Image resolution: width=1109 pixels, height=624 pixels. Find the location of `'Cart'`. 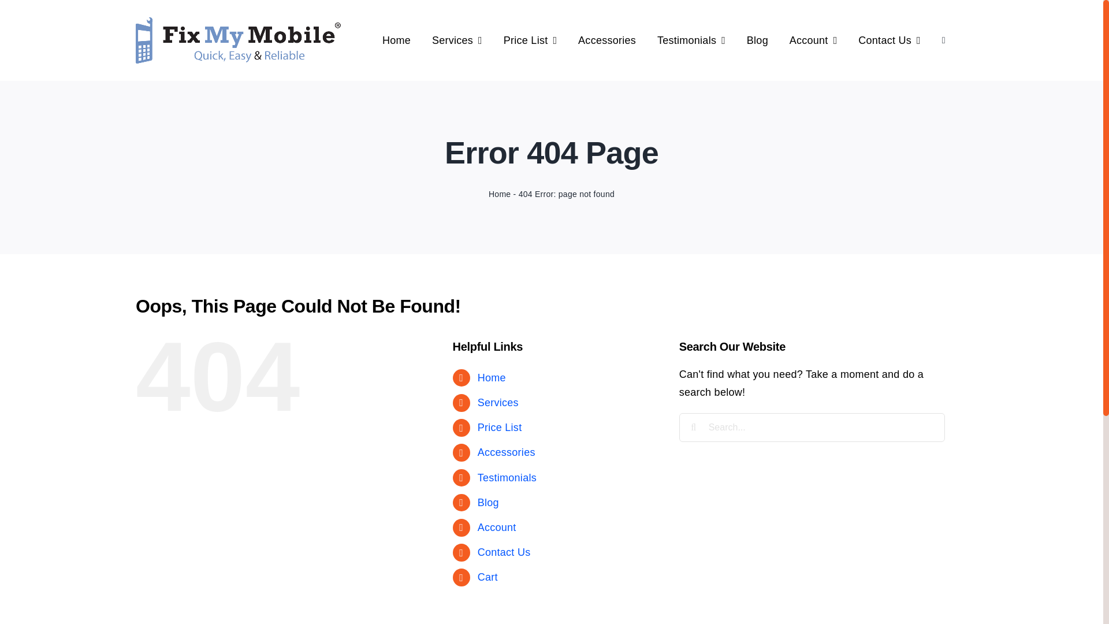

'Cart' is located at coordinates (487, 577).